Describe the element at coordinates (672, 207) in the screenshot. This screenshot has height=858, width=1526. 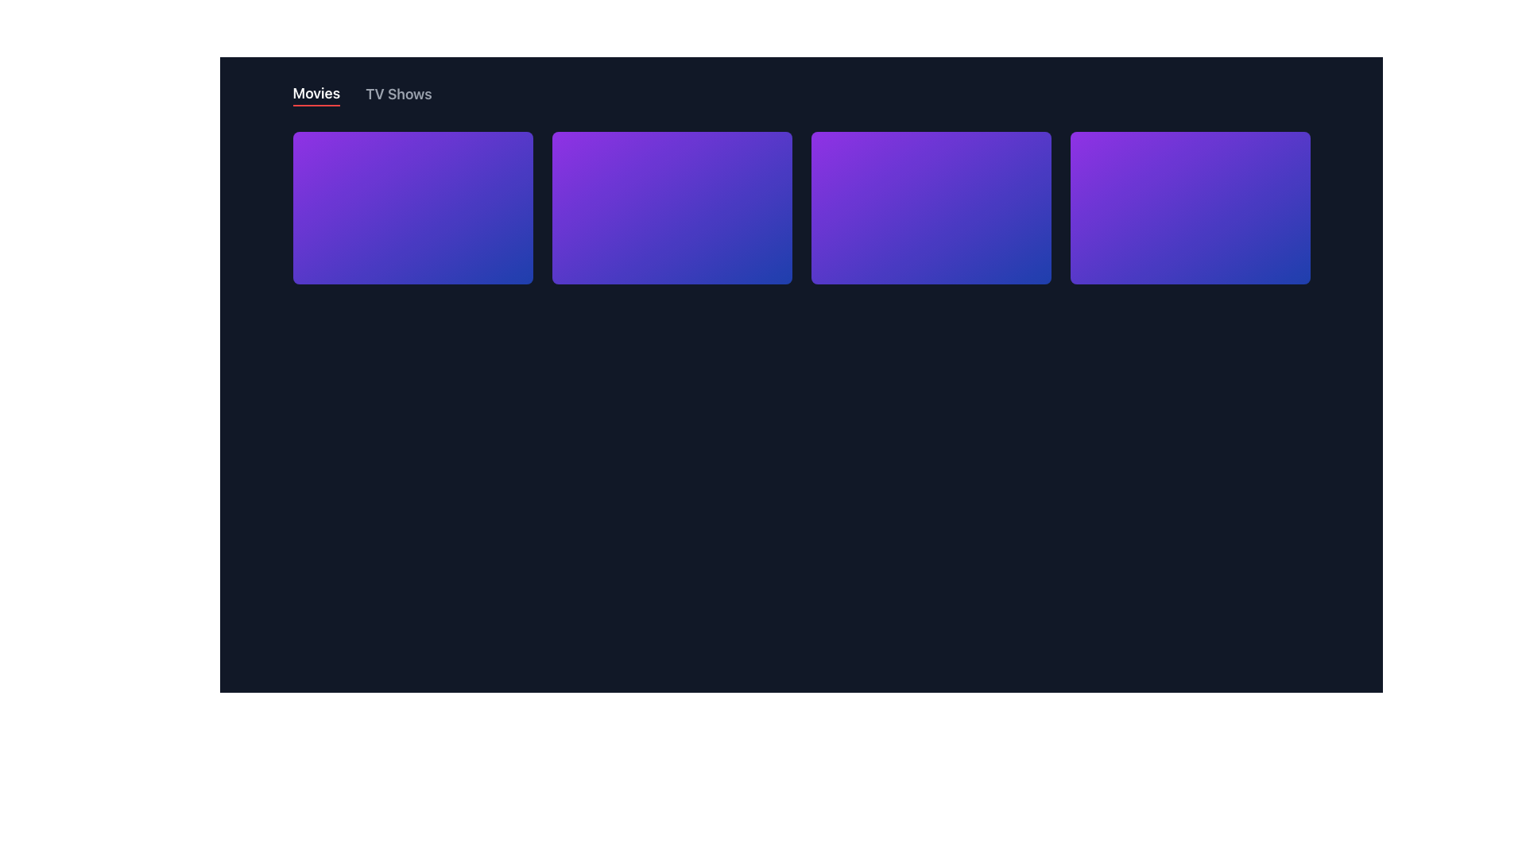
I see `the Clickable card with a gradient background transitioning from purple to blue, located in the second position from the left within a grid of four elements` at that location.